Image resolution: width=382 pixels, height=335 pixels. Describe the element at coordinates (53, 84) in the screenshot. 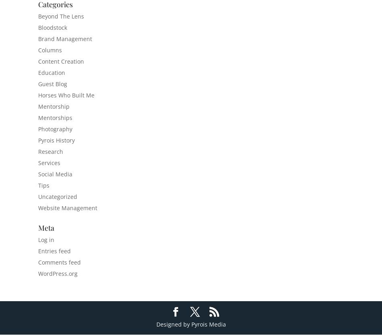

I see `'Guest Blog'` at that location.